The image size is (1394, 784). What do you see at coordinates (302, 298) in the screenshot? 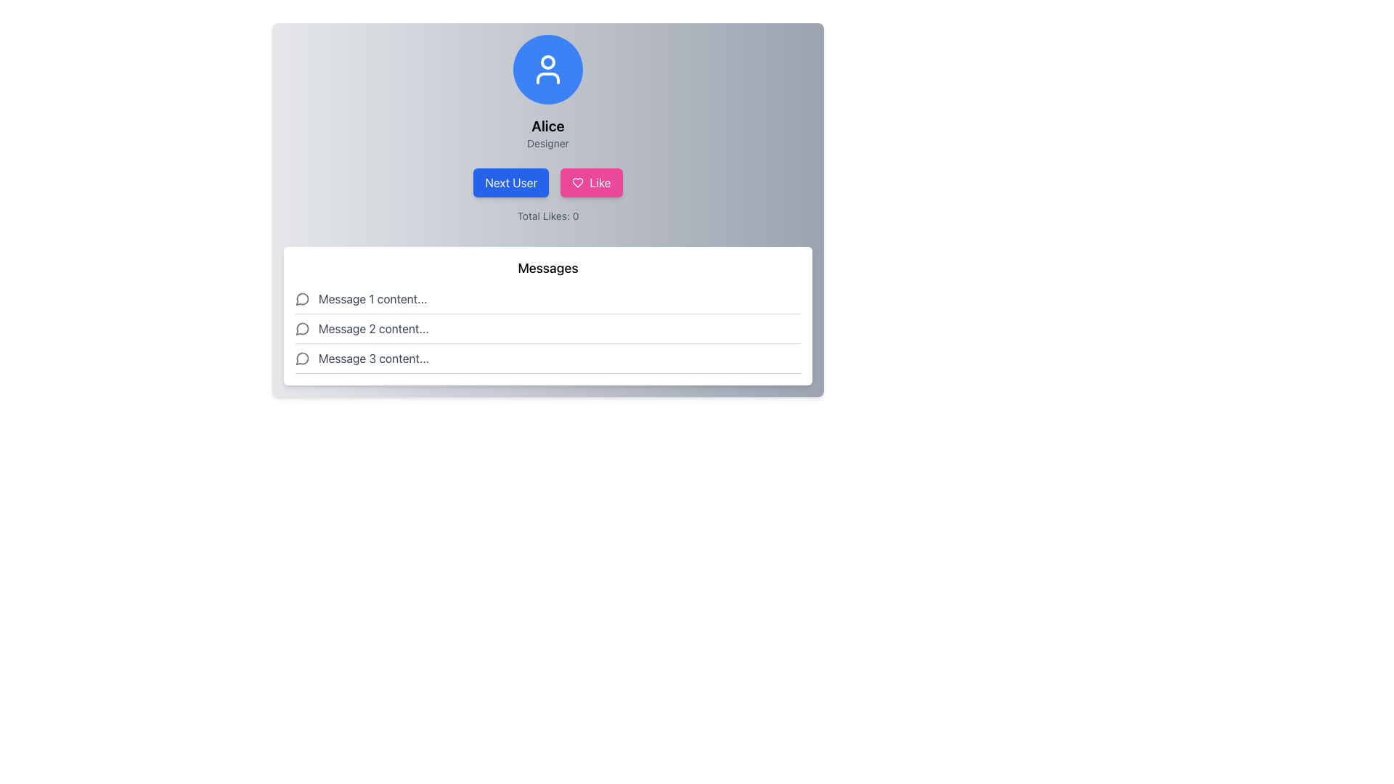
I see `the circular speech bubble icon located at the beginning of the row containing 'Message 1 content...' in the Messages section` at bounding box center [302, 298].